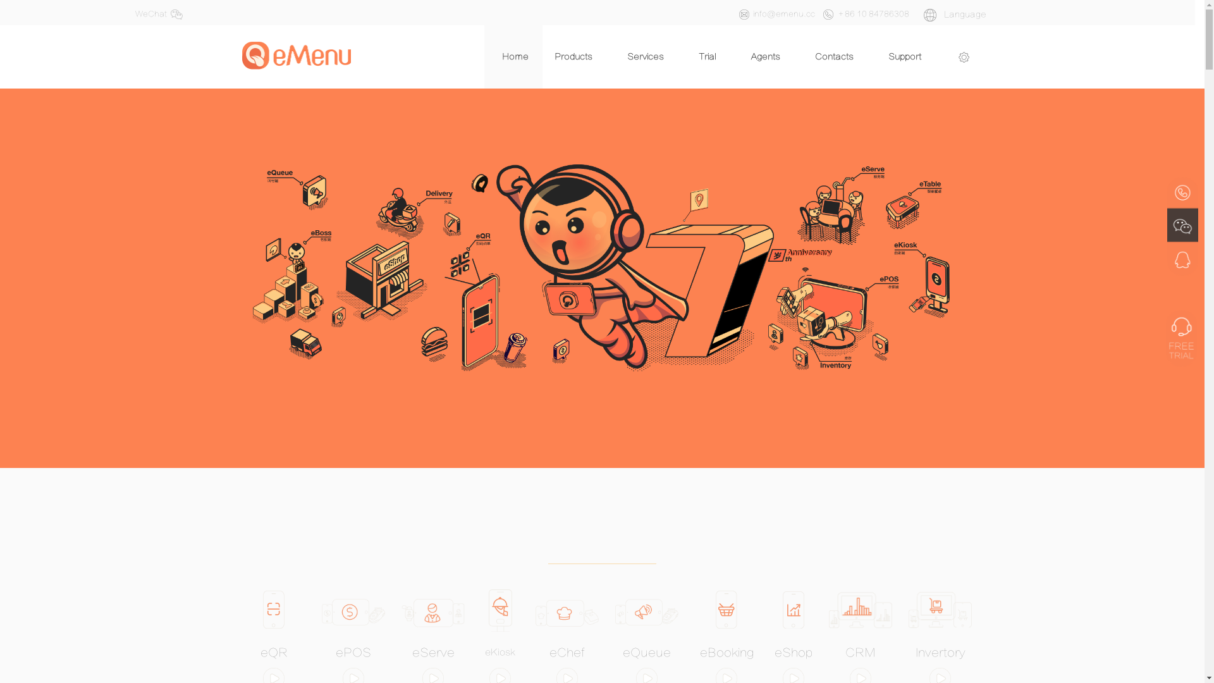  Describe the element at coordinates (955, 15) in the screenshot. I see `'  Language'` at that location.